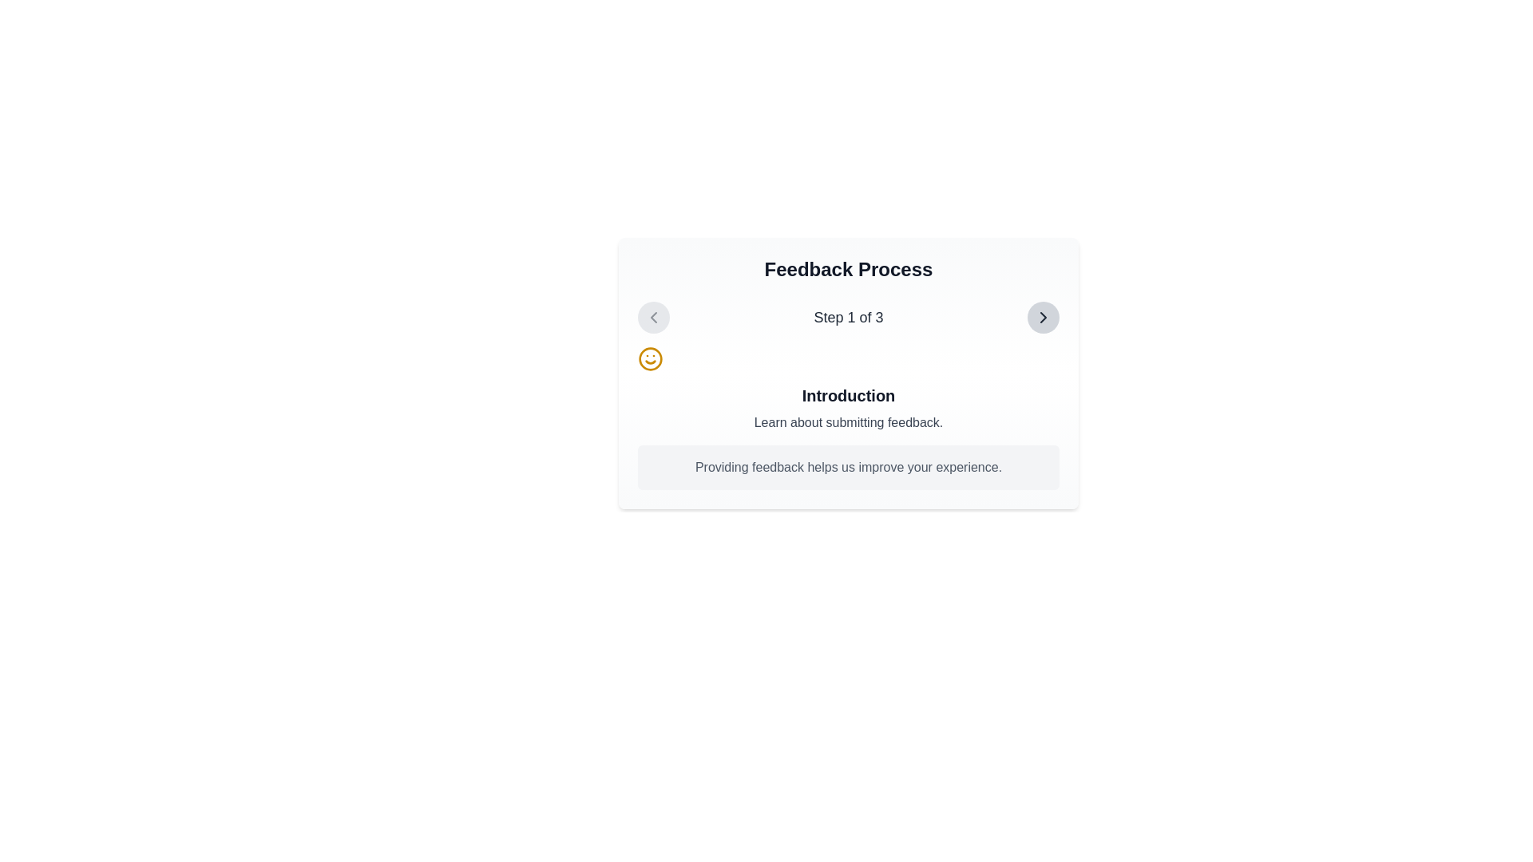 The width and height of the screenshot is (1533, 862). Describe the element at coordinates (1043, 317) in the screenshot. I see `the forward chevron icon located in the top-right corner of the feedback step interface` at that location.